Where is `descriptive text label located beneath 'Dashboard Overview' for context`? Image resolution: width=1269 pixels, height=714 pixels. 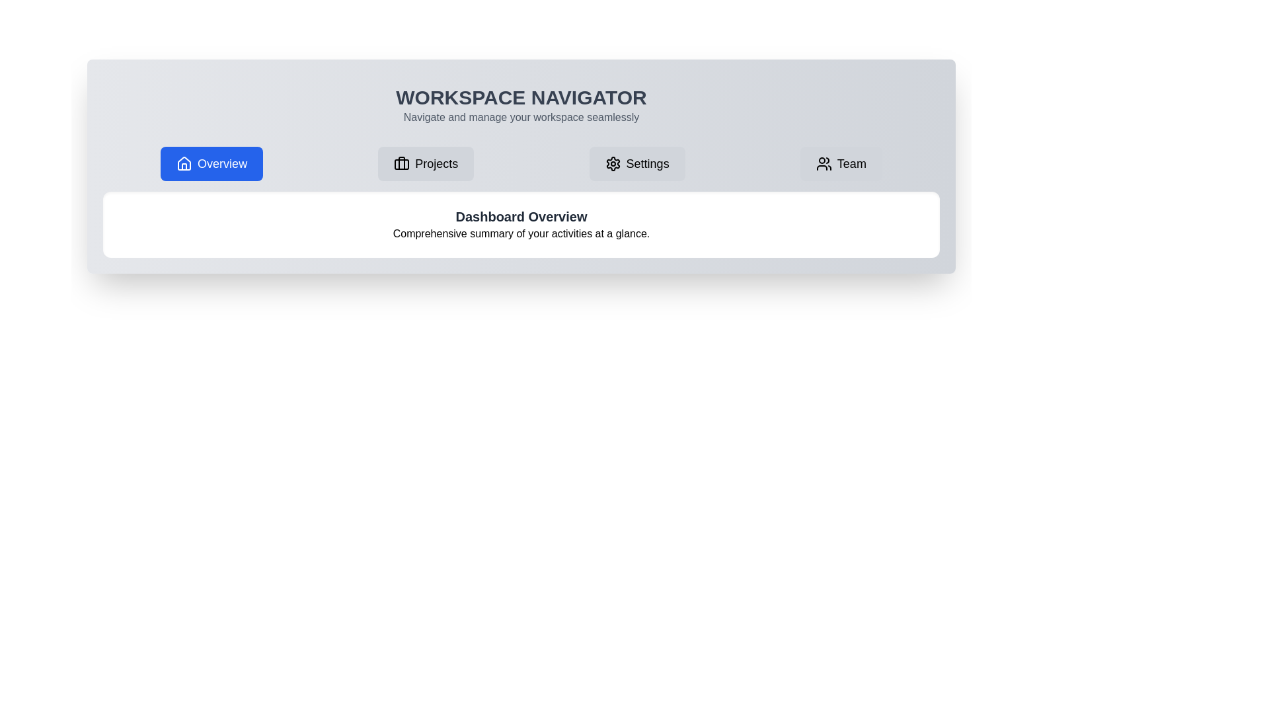
descriptive text label located beneath 'Dashboard Overview' for context is located at coordinates (520, 233).